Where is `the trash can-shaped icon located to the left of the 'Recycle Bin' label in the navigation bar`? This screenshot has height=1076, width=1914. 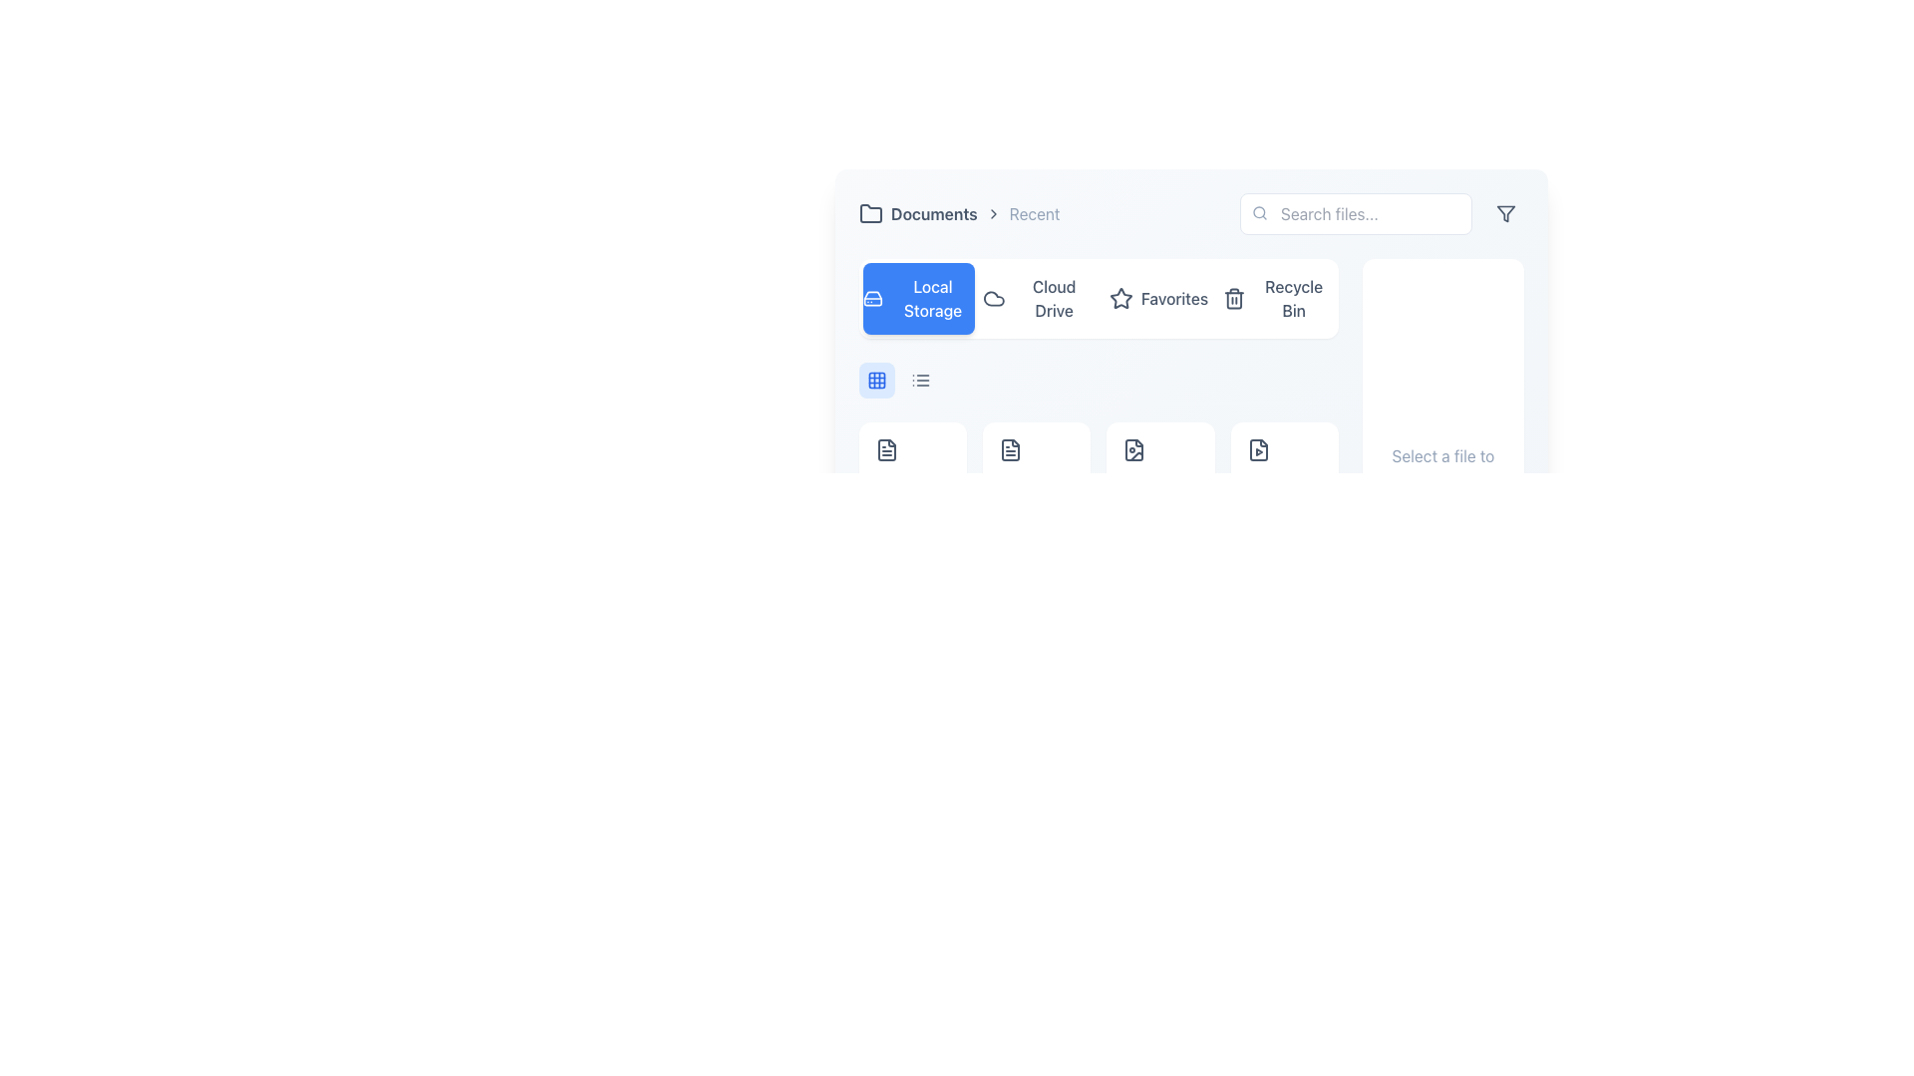 the trash can-shaped icon located to the left of the 'Recycle Bin' label in the navigation bar is located at coordinates (1233, 299).